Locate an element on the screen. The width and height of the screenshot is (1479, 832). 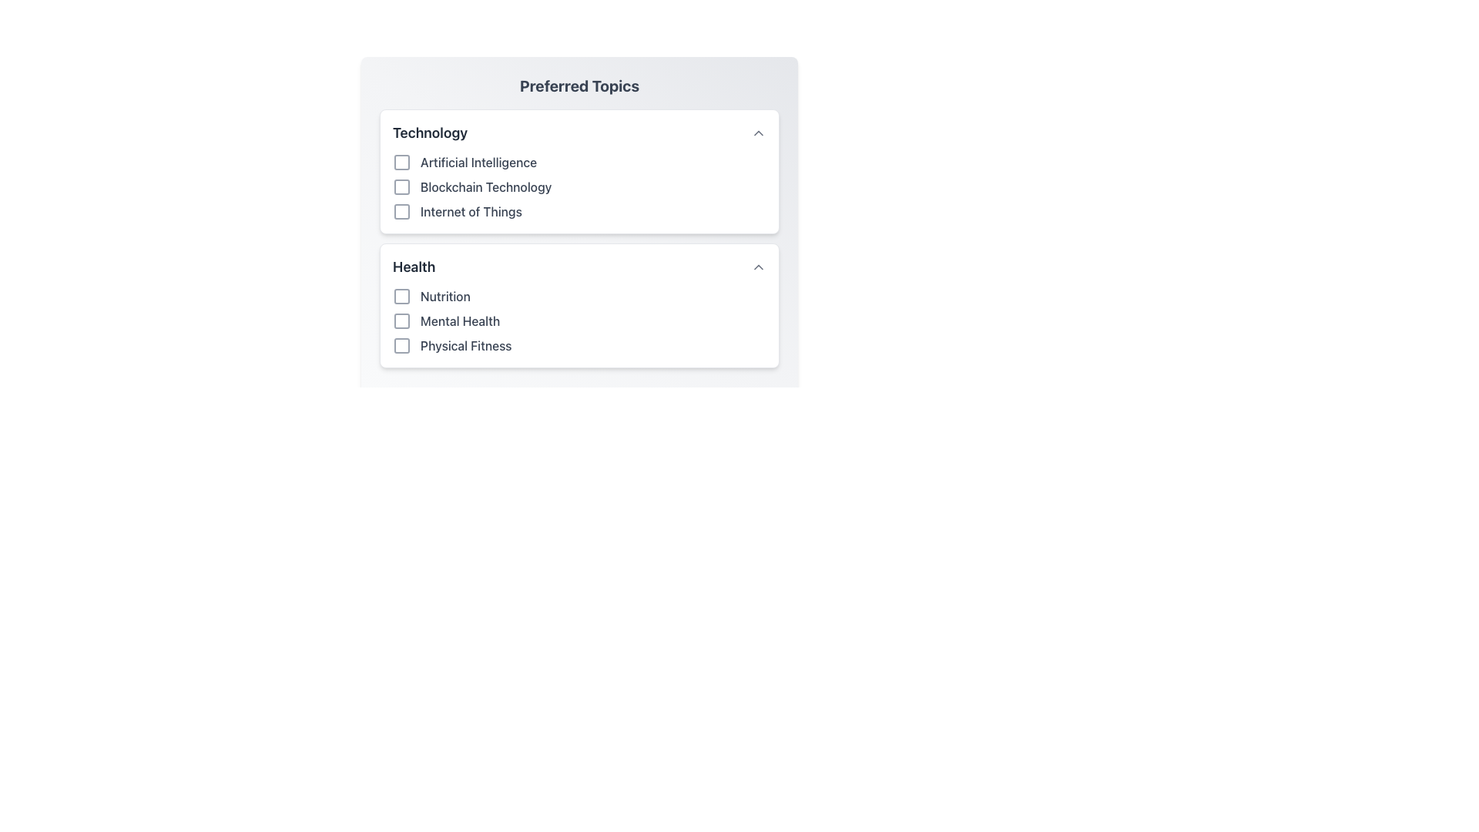
the grouped list of checkboxes labeled 'Nutrition', 'Mental Health', and 'Physical Fitness' is located at coordinates (579, 320).